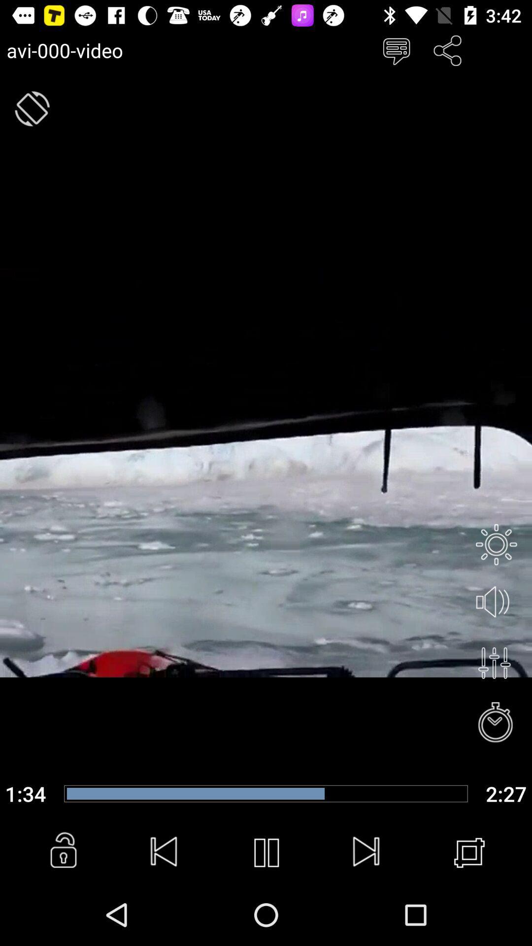 The height and width of the screenshot is (946, 532). What do you see at coordinates (266, 852) in the screenshot?
I see `video play` at bounding box center [266, 852].